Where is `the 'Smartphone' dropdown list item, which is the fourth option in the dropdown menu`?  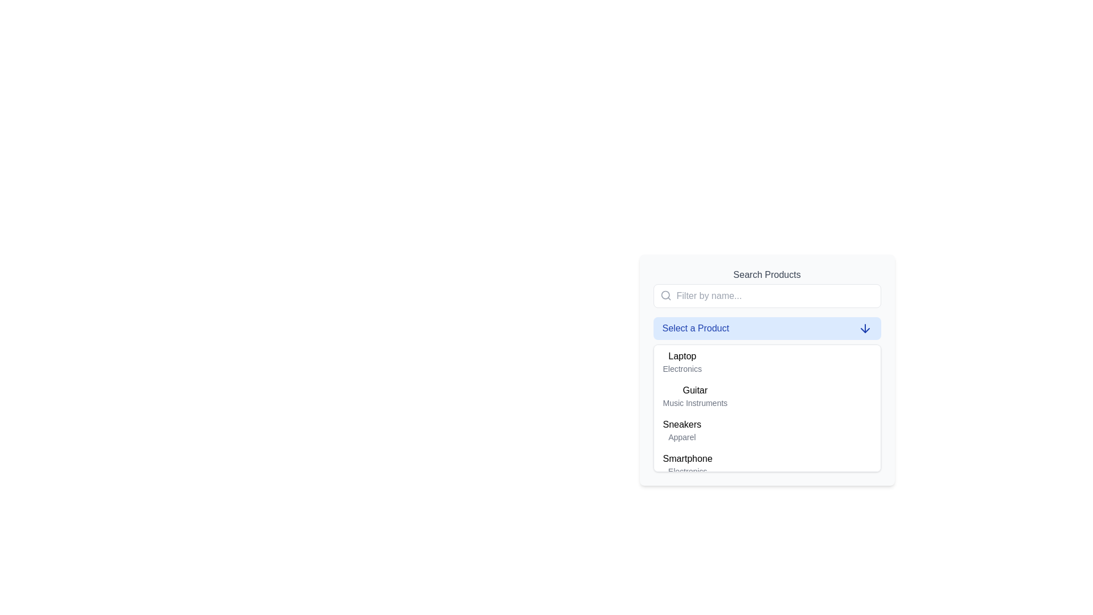
the 'Smartphone' dropdown list item, which is the fourth option in the dropdown menu is located at coordinates (687, 465).